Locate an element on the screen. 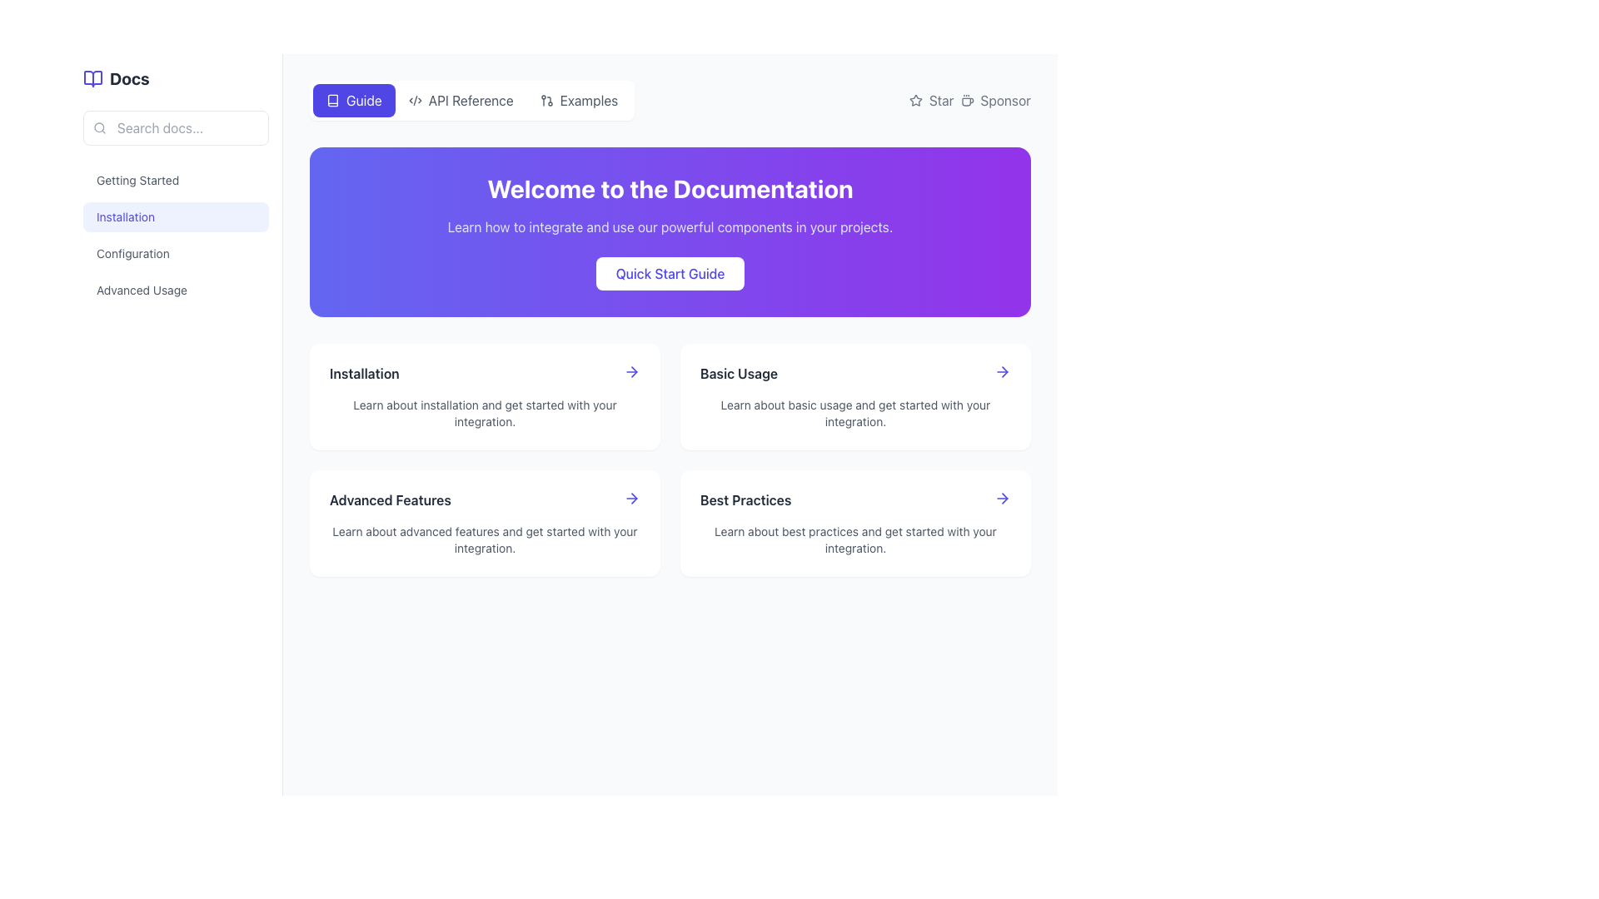  'Examples' button located in the top navigation bar, which is the rightmost button among three, for further development details is located at coordinates (579, 100).